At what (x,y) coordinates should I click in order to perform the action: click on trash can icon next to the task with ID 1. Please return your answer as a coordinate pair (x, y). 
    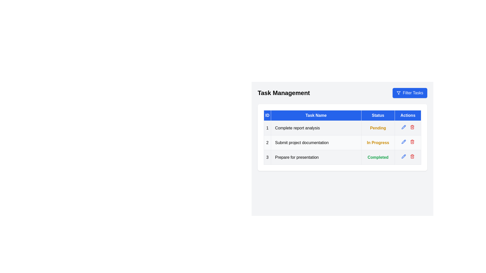
    Looking at the image, I should click on (412, 127).